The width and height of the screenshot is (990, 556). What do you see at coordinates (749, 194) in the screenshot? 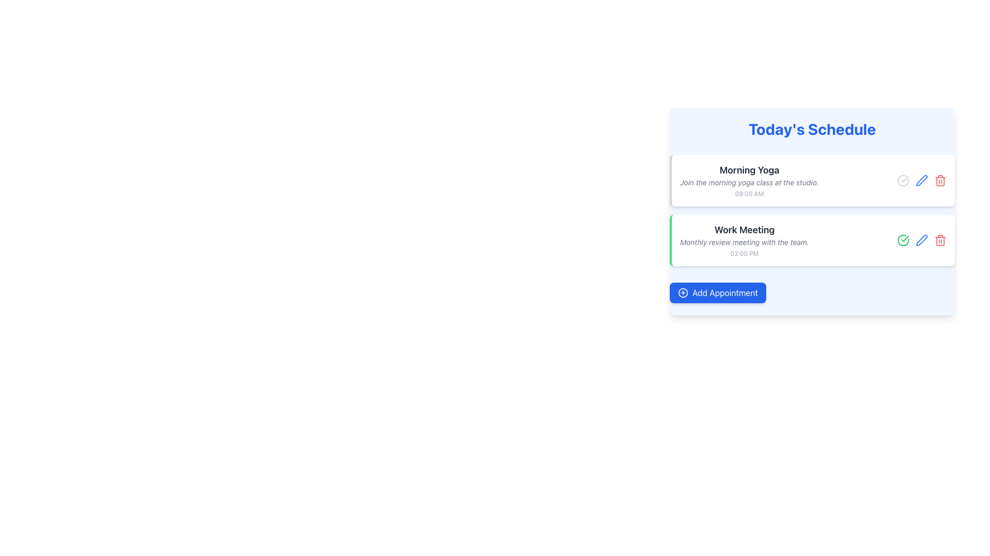
I see `the text label displaying the scheduled time for the 'Morning Yoga' activity, located at the bottom of the 'Morning Yoga' card` at bounding box center [749, 194].